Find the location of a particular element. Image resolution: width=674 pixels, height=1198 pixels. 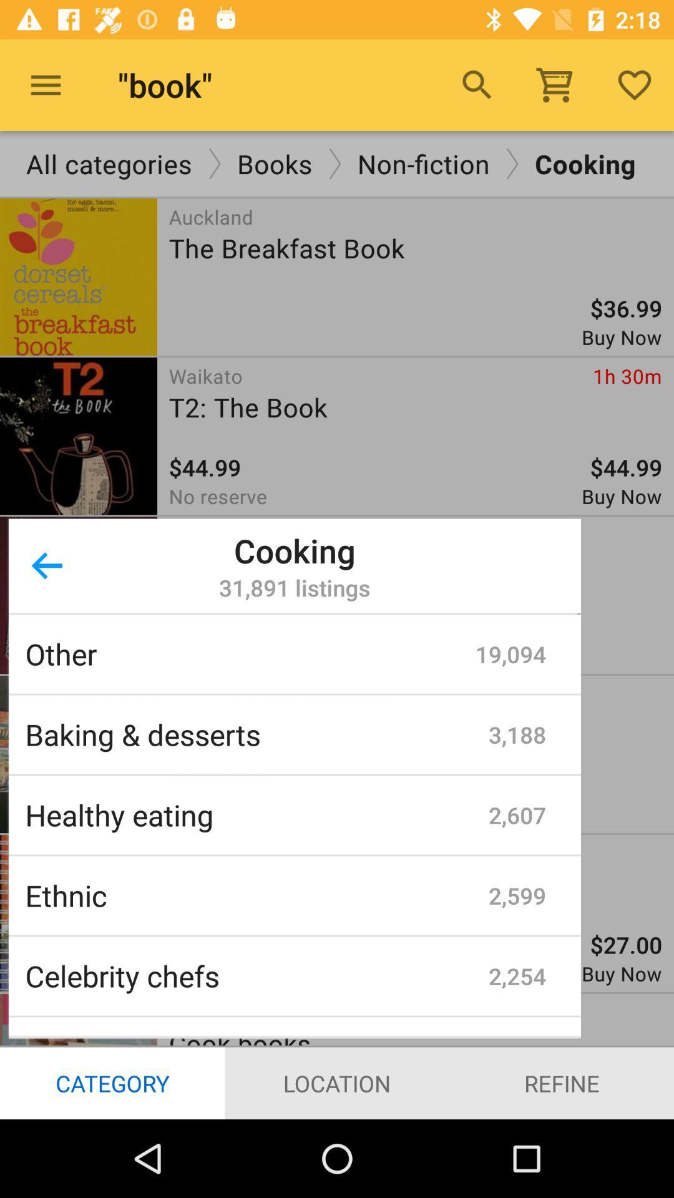

the icon to the right of other item is located at coordinates (510, 653).